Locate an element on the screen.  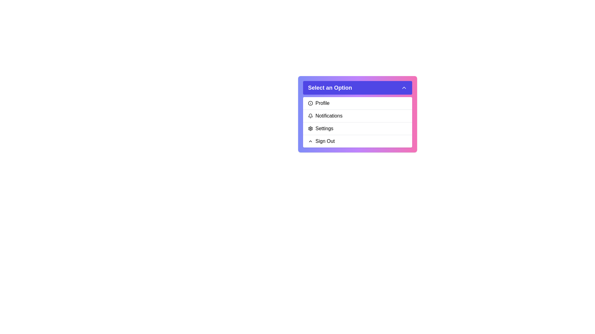
the dropdown toggle button to open or close the menu is located at coordinates (357, 88).